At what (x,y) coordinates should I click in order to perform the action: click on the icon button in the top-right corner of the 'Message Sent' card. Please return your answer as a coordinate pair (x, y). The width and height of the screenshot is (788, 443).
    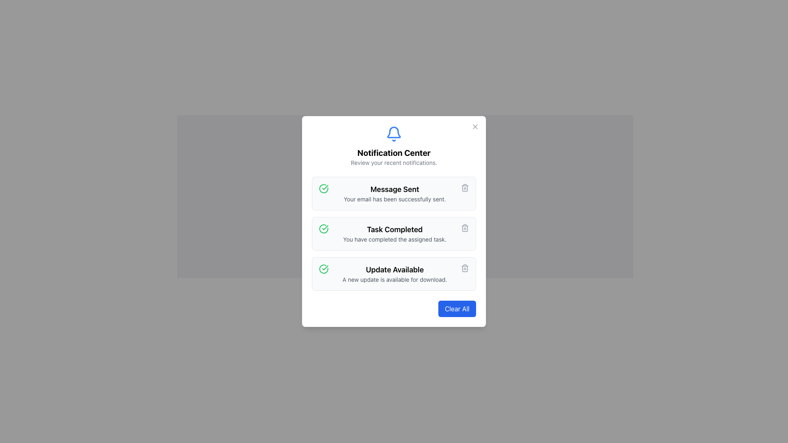
    Looking at the image, I should click on (465, 188).